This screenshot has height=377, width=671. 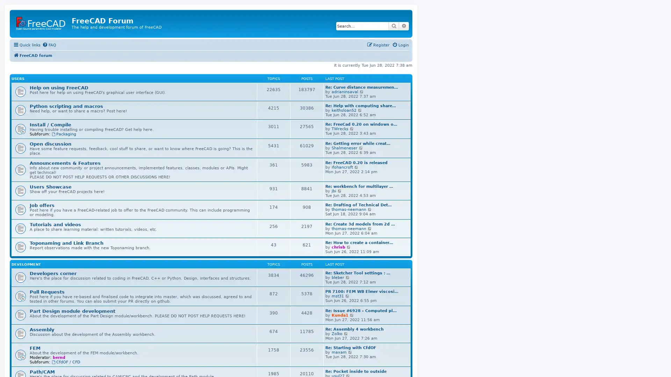 What do you see at coordinates (394, 25) in the screenshot?
I see `Search` at bounding box center [394, 25].